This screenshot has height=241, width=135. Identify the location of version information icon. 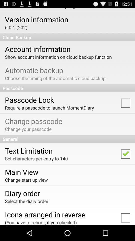
(36, 19).